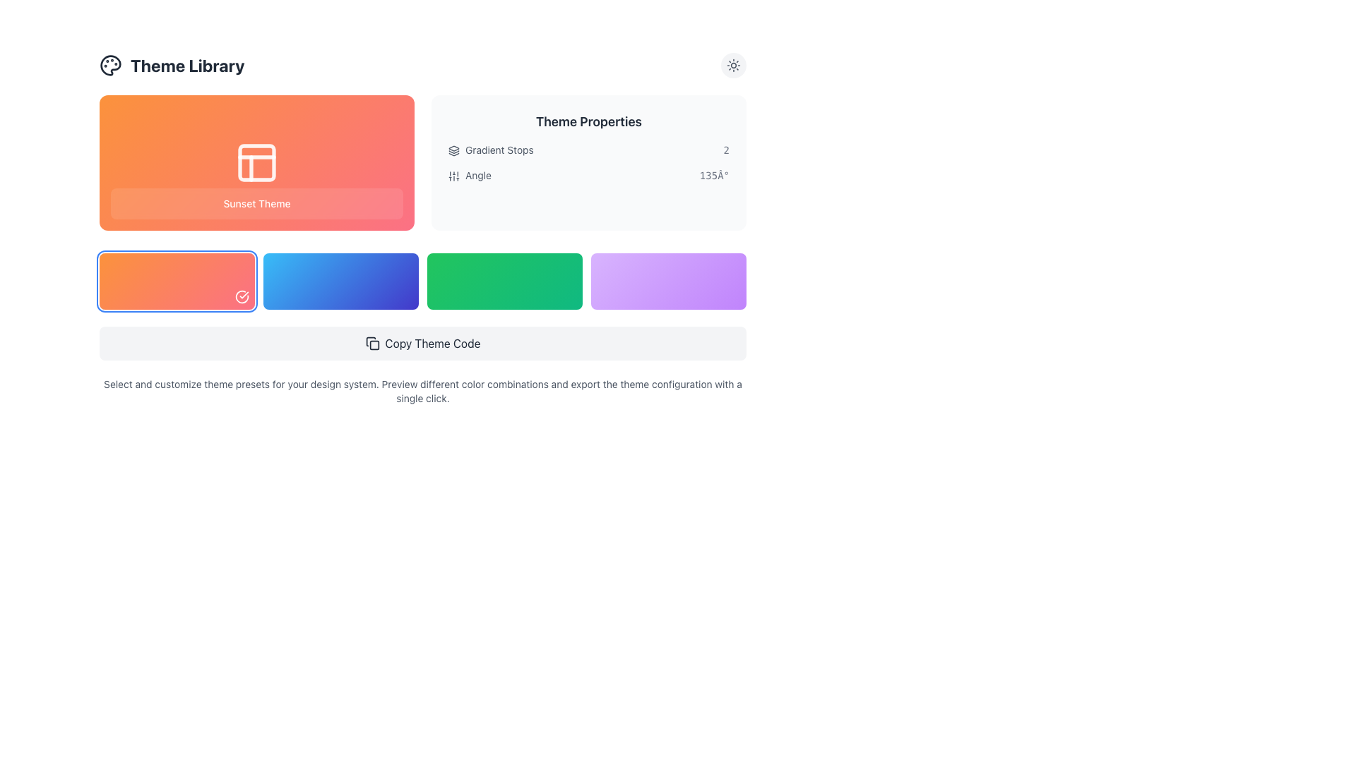 The image size is (1356, 762). Describe the element at coordinates (257, 162) in the screenshot. I see `the 'Sunset Theme' card, which is the top-left card in the Theme Library, characterized by its gradient background from orange to pink and a white layout icon` at that location.